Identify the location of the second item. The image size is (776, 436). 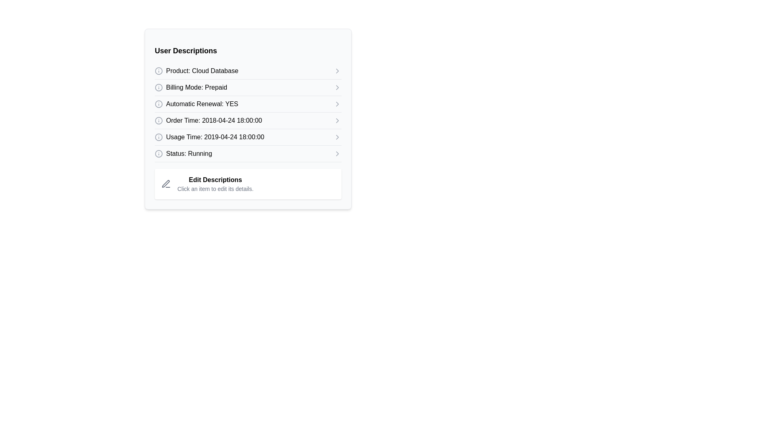
(248, 87).